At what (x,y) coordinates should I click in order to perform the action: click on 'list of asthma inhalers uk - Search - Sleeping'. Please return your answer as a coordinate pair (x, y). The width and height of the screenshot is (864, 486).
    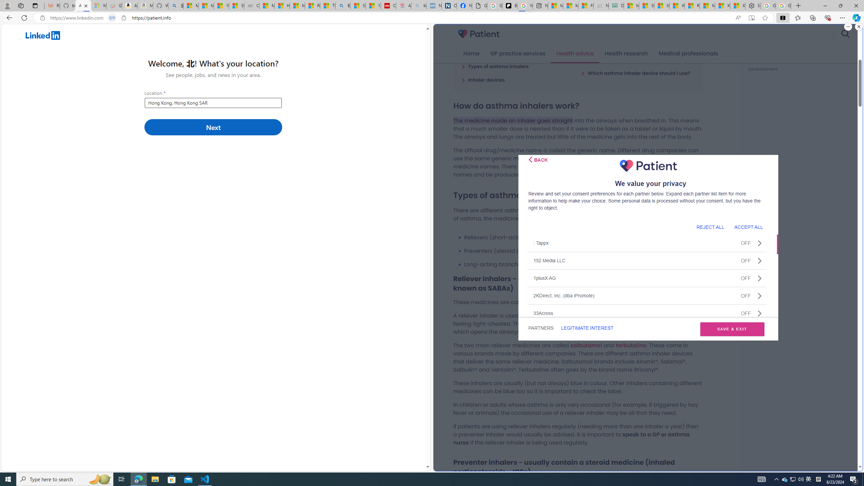
    Looking at the image, I should click on (418, 5).